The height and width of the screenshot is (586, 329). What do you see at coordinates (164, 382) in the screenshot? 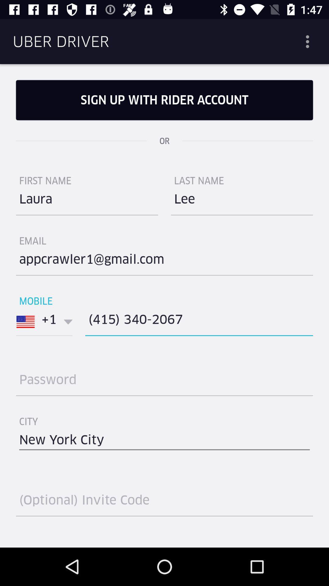
I see `password` at bounding box center [164, 382].